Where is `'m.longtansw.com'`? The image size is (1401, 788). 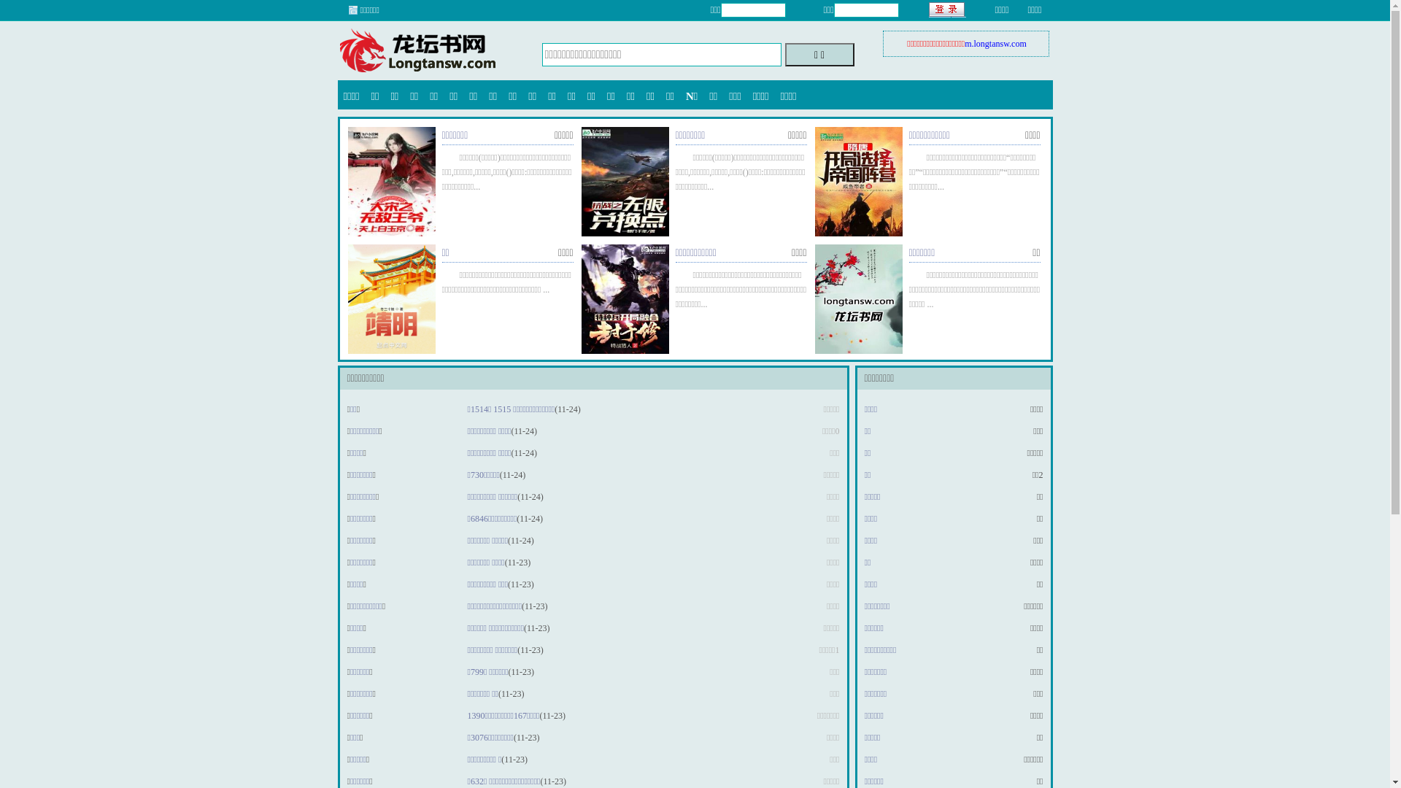
'm.longtansw.com' is located at coordinates (995, 43).